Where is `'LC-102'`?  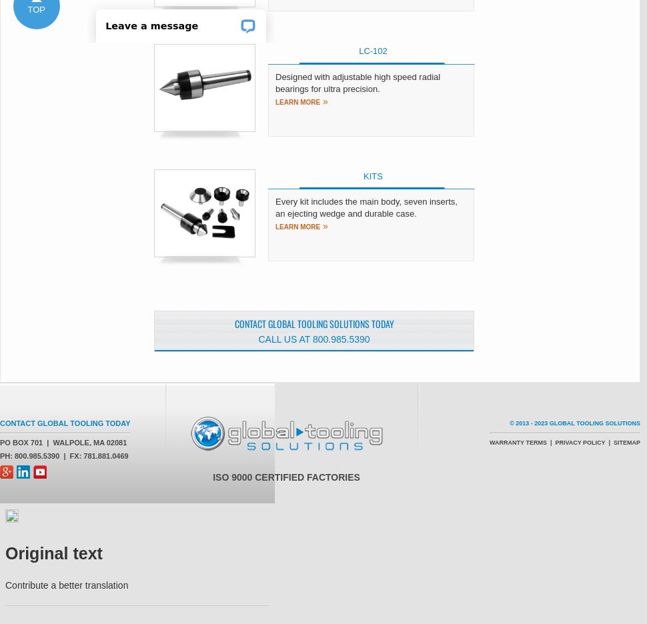 'LC-102' is located at coordinates (372, 51).